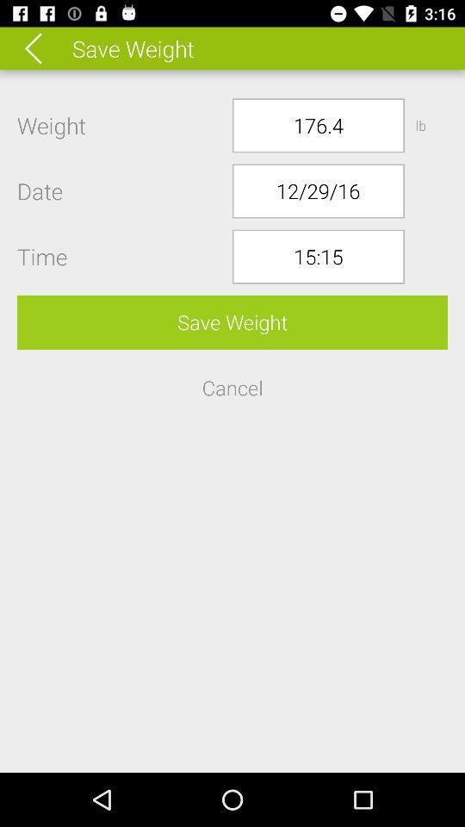 Image resolution: width=465 pixels, height=827 pixels. What do you see at coordinates (317, 256) in the screenshot?
I see `15:15` at bounding box center [317, 256].